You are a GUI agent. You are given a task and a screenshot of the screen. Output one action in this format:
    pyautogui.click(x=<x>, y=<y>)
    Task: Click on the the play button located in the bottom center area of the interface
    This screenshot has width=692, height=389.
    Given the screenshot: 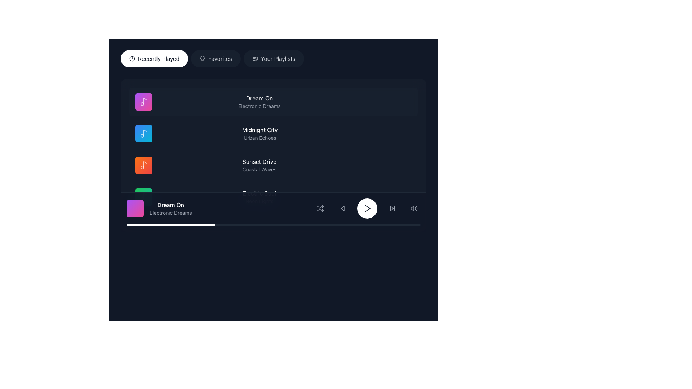 What is the action you would take?
    pyautogui.click(x=367, y=208)
    